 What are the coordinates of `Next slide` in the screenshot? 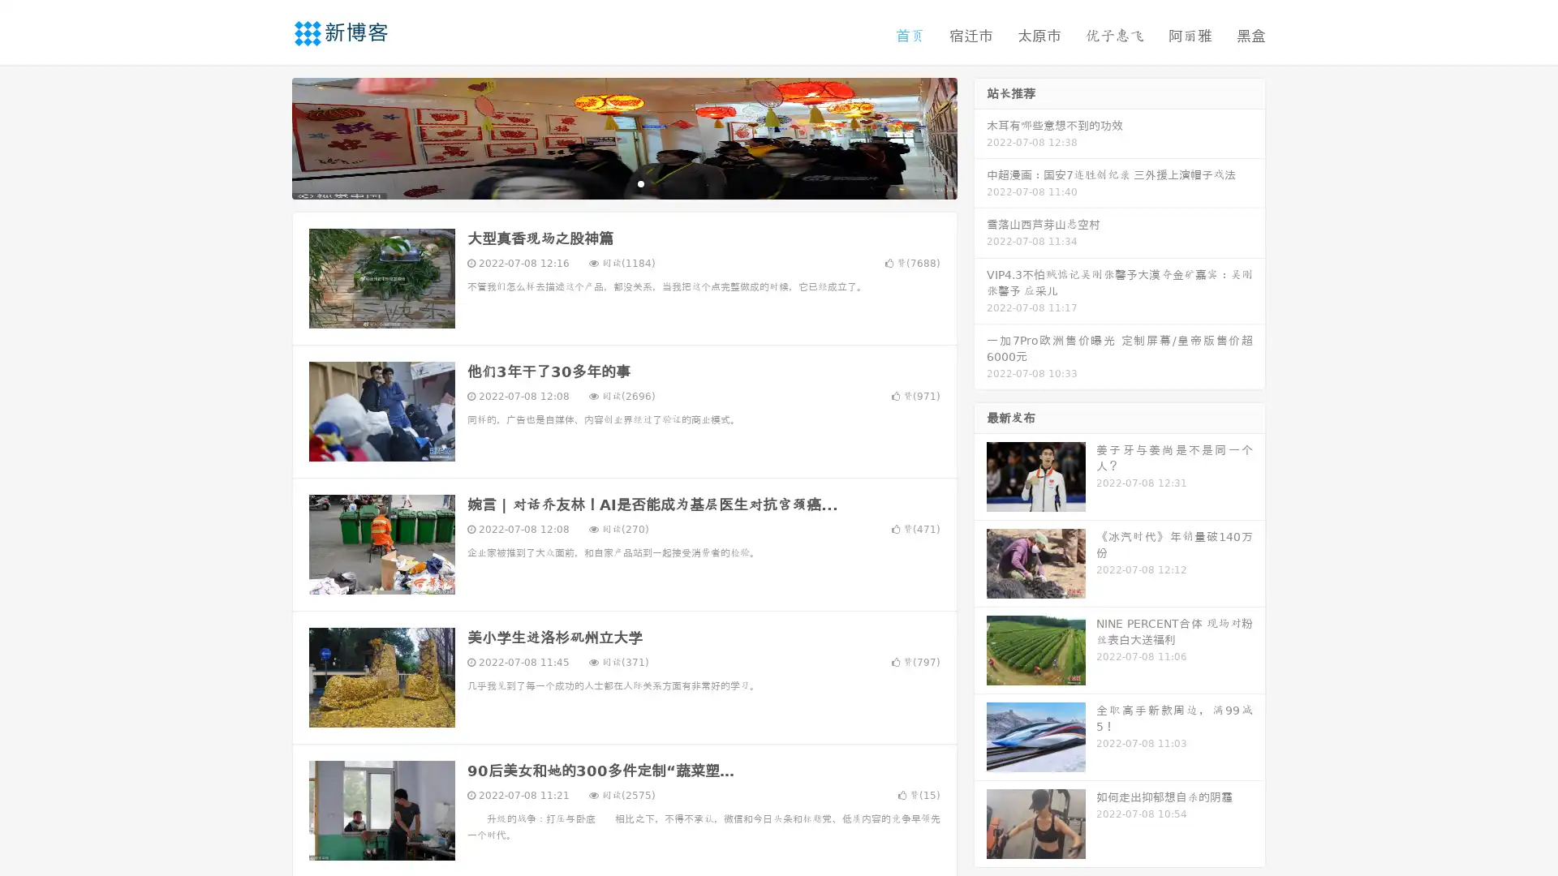 It's located at (980, 136).